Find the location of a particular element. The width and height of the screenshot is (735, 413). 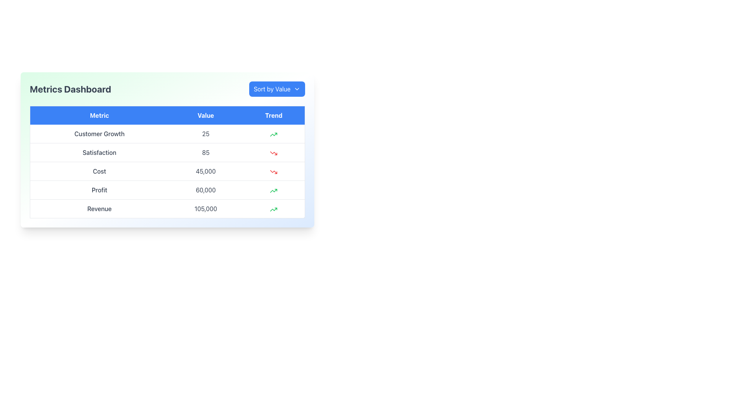

the red, downward-pointing zigzag arrow icon representing a negative trend in the 'Satisfaction' row under the 'Trend' header of the table is located at coordinates (274, 153).